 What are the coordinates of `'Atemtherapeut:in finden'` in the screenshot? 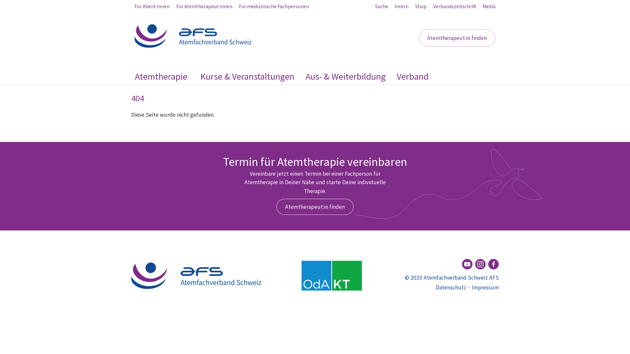 It's located at (418, 38).